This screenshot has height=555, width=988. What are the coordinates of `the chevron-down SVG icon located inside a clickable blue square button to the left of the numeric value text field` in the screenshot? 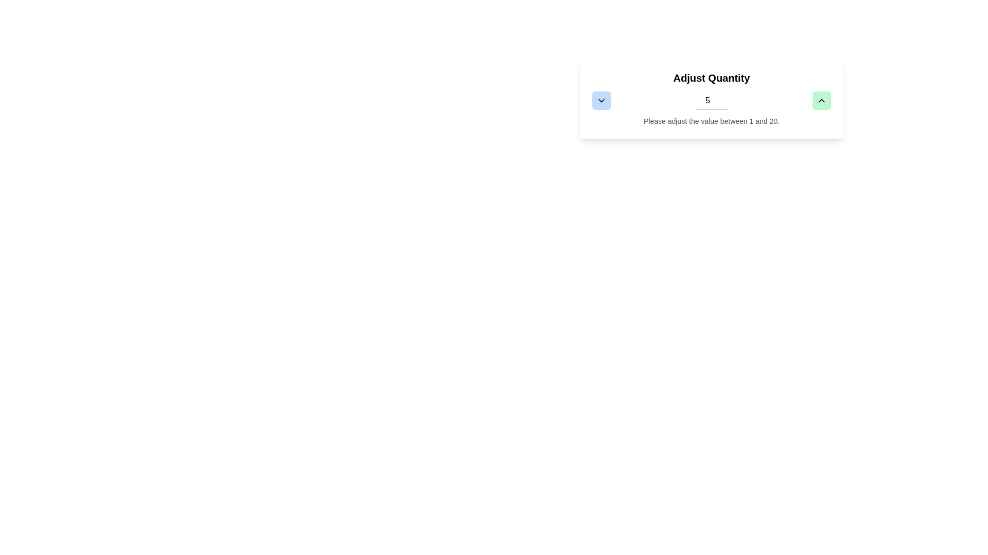 It's located at (602, 101).